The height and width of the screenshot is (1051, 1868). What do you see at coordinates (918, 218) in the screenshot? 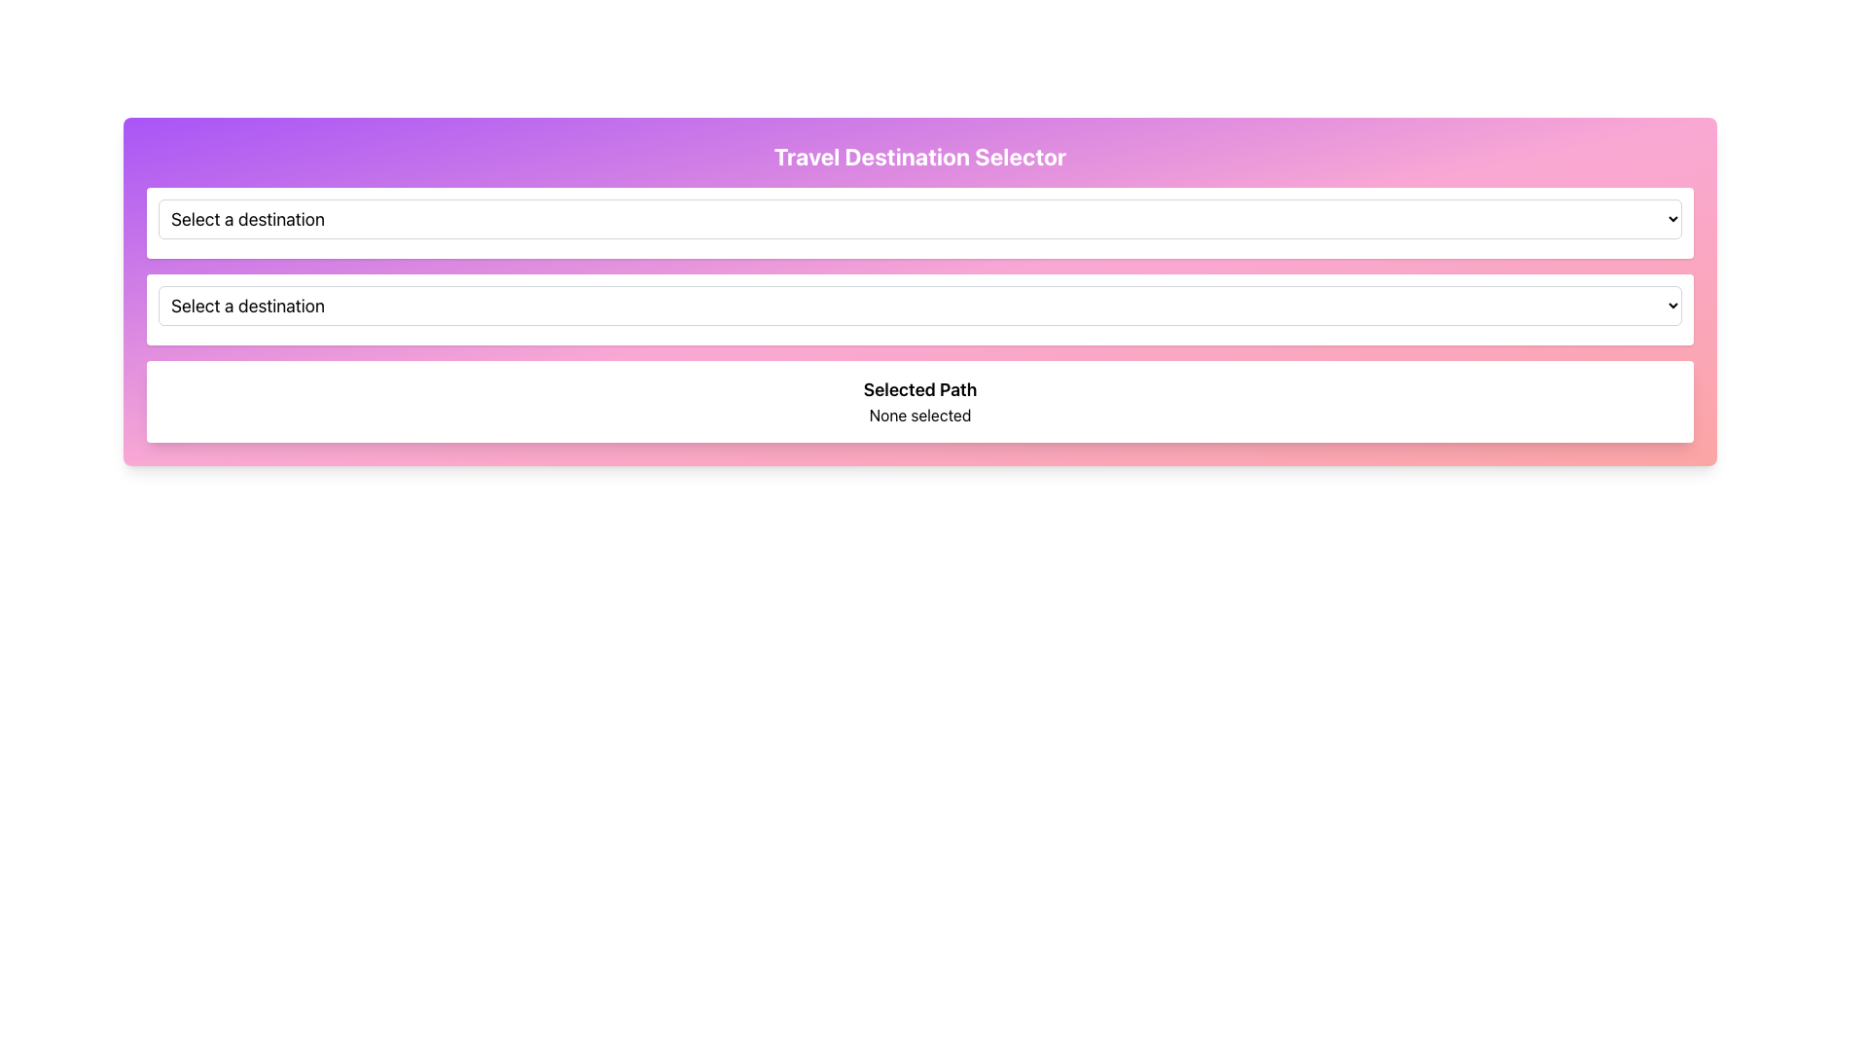
I see `the dropdown menu labeled 'Select a destination' located under the title 'Travel Destination Selector'` at bounding box center [918, 218].